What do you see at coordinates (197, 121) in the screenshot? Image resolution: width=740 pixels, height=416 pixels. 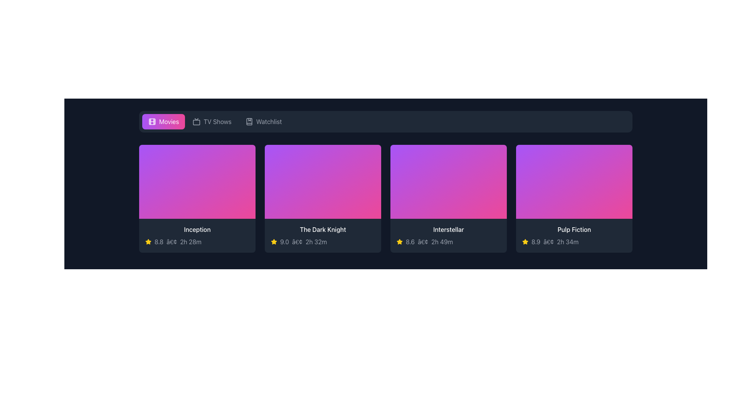 I see `the TV-shaped icon in the header menu` at bounding box center [197, 121].